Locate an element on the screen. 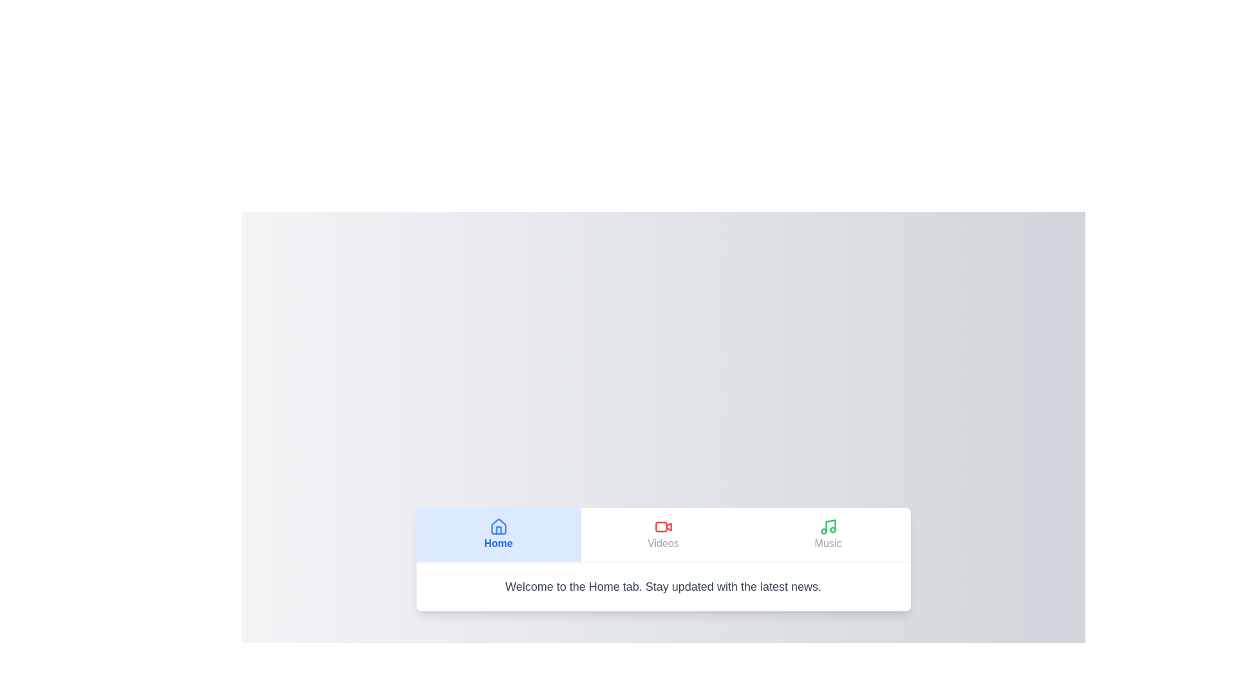 Image resolution: width=1236 pixels, height=695 pixels. the Home icon to activate the corresponding tab is located at coordinates (498, 526).